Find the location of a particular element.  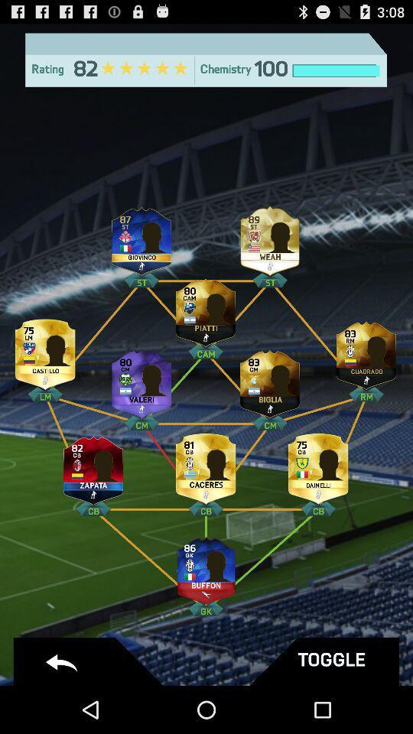

go back is located at coordinates (90, 661).